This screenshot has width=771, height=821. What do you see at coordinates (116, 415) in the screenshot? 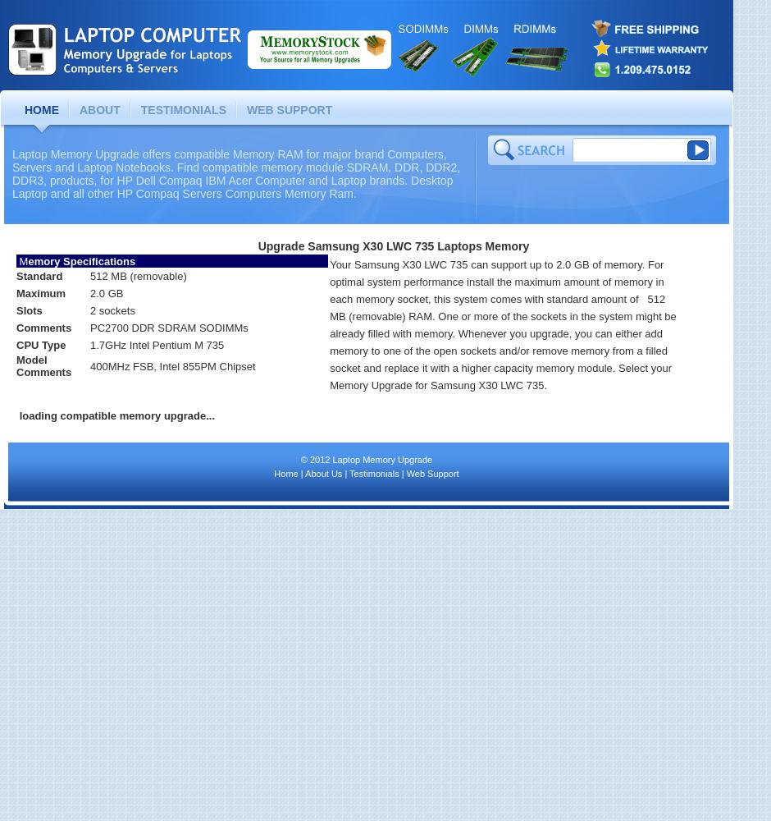
I see `'loading compatible memory upgrade...'` at bounding box center [116, 415].